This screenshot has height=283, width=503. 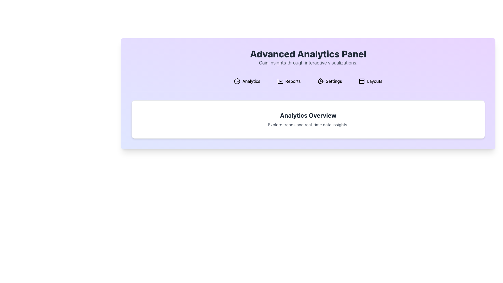 I want to click on the graphical representation of the 'Layouts' button icon, which is located at the rightmost position of the navigation buttons, just before the label 'Layouts', so click(x=362, y=81).